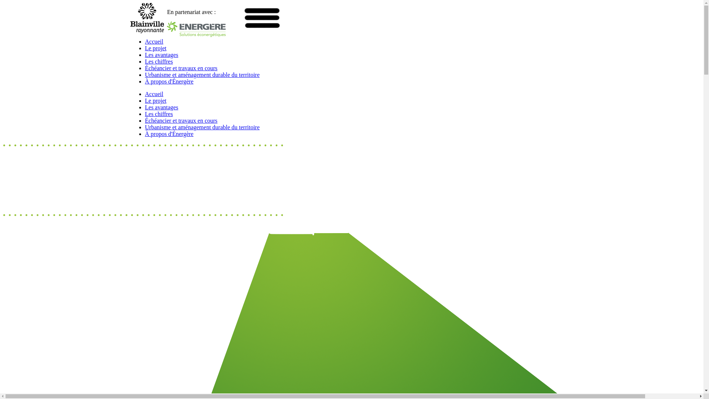 This screenshot has width=709, height=399. Describe the element at coordinates (161, 107) in the screenshot. I see `'Les avantages'` at that location.